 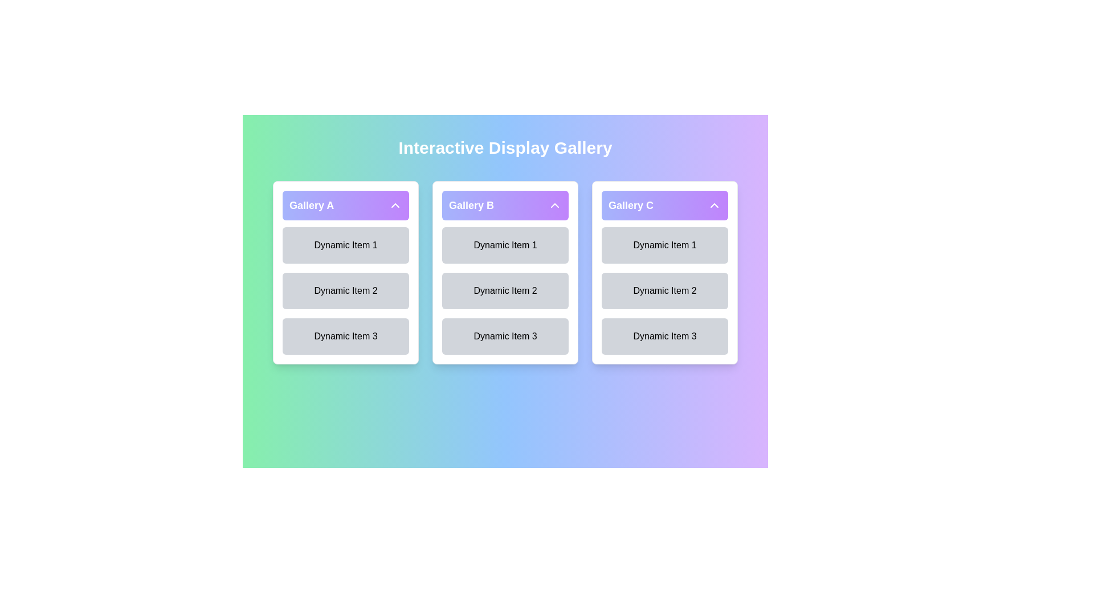 What do you see at coordinates (664, 272) in the screenshot?
I see `the static box labeled 'Dynamic Item 2' located in the 'Gallery C' section, which is the second box in a vertical stack of three` at bounding box center [664, 272].